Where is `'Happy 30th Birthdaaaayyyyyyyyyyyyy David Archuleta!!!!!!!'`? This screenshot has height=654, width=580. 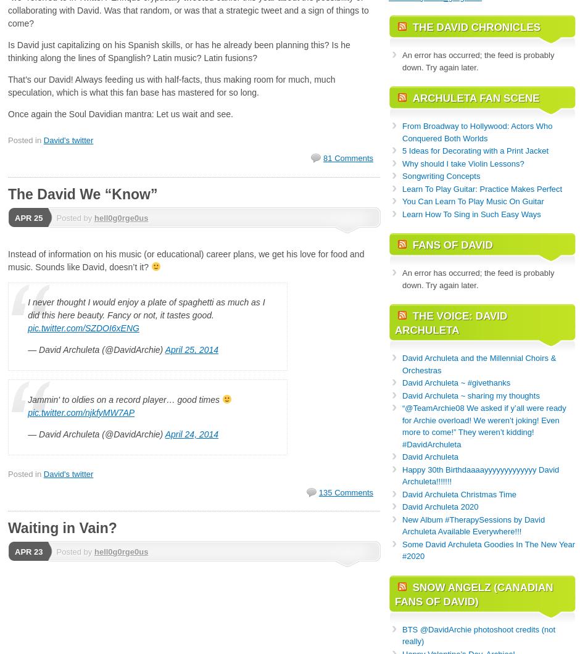 'Happy 30th Birthdaaaayyyyyyyyyyyyy David Archuleta!!!!!!!' is located at coordinates (479, 474).